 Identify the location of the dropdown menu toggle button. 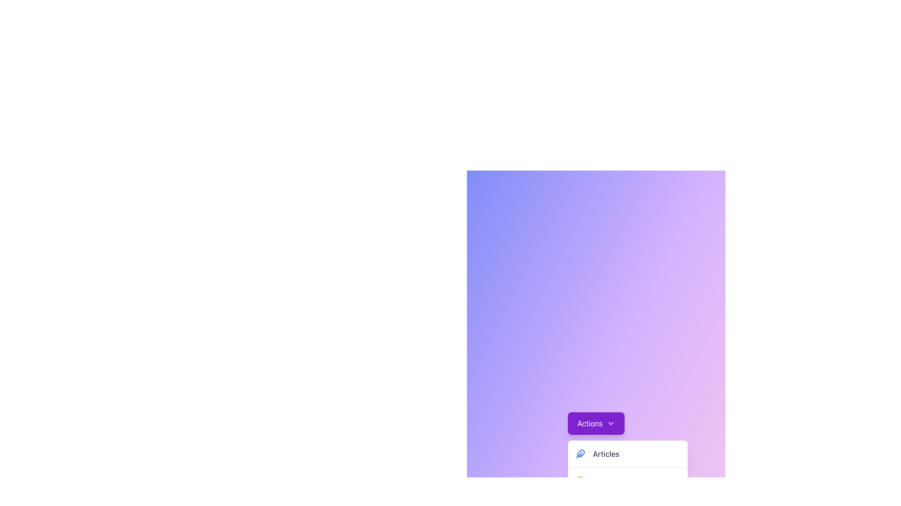
(596, 423).